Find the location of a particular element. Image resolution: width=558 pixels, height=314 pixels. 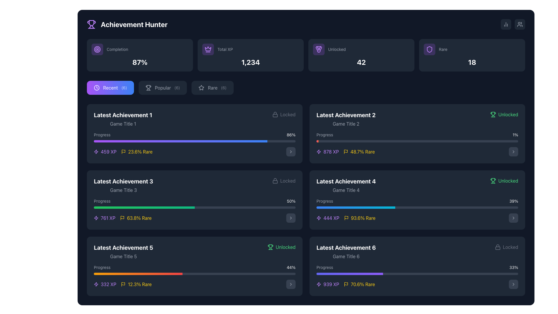

the crown icon with purple outlines located in the second card from the left, near the 'Total XP' text is located at coordinates (208, 49).